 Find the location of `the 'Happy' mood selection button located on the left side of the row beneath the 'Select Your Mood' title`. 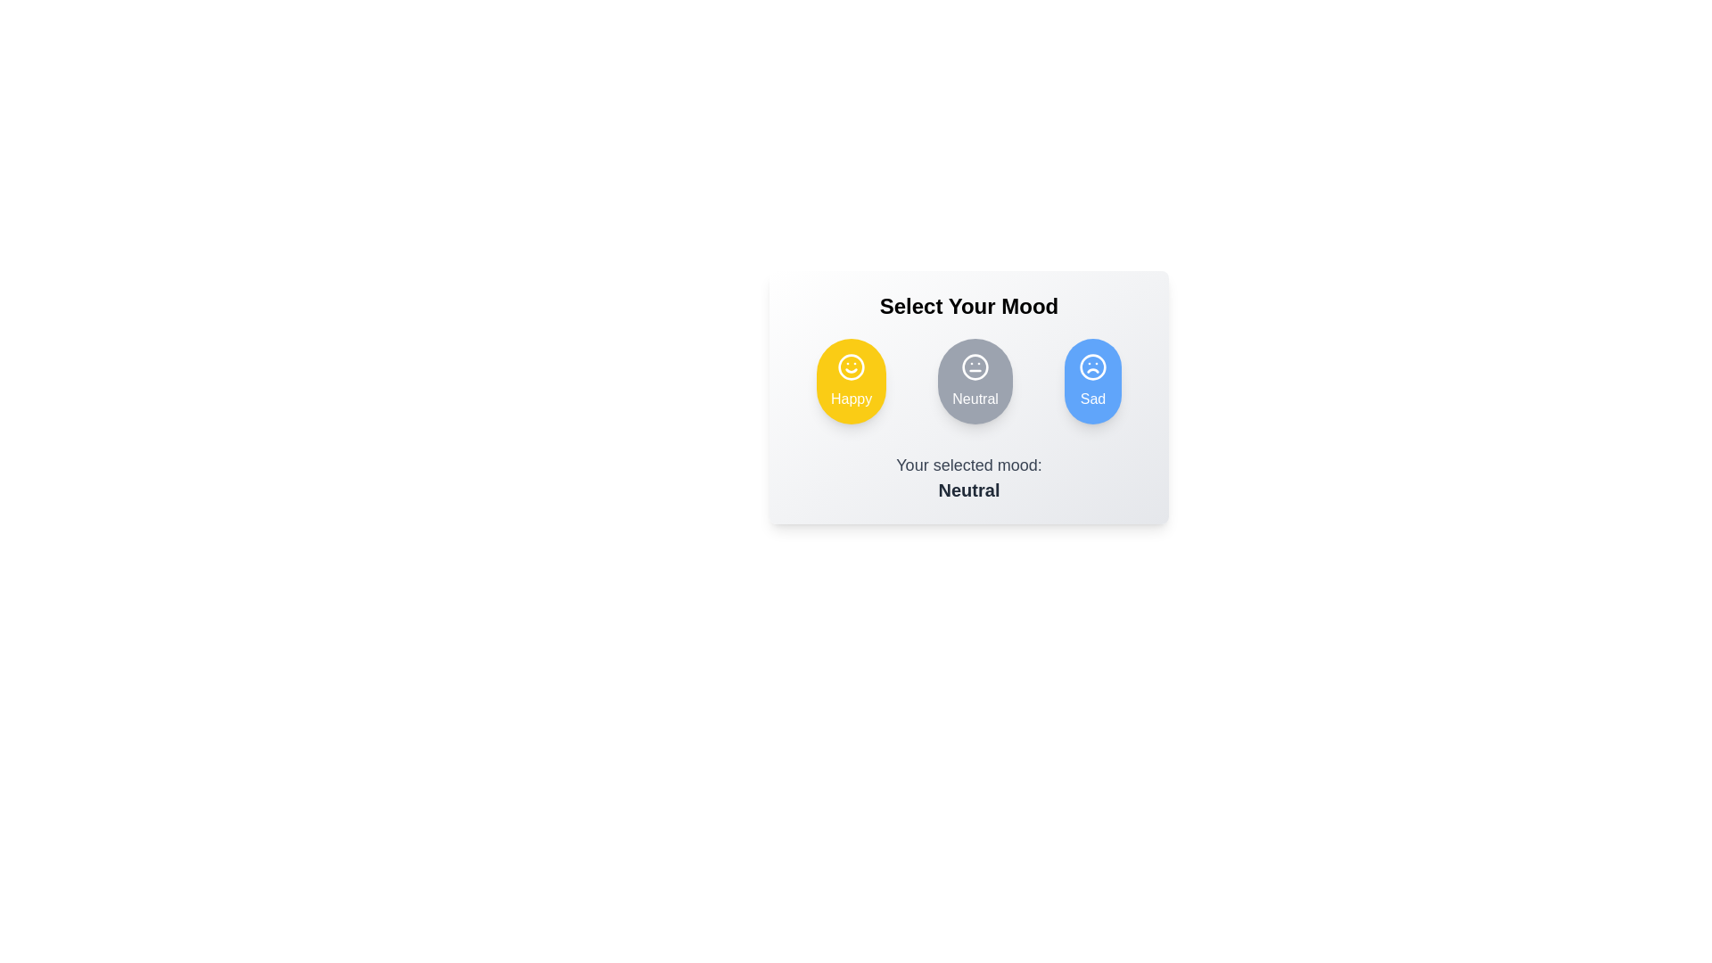

the 'Happy' mood selection button located on the left side of the row beneath the 'Select Your Mood' title is located at coordinates (851, 366).